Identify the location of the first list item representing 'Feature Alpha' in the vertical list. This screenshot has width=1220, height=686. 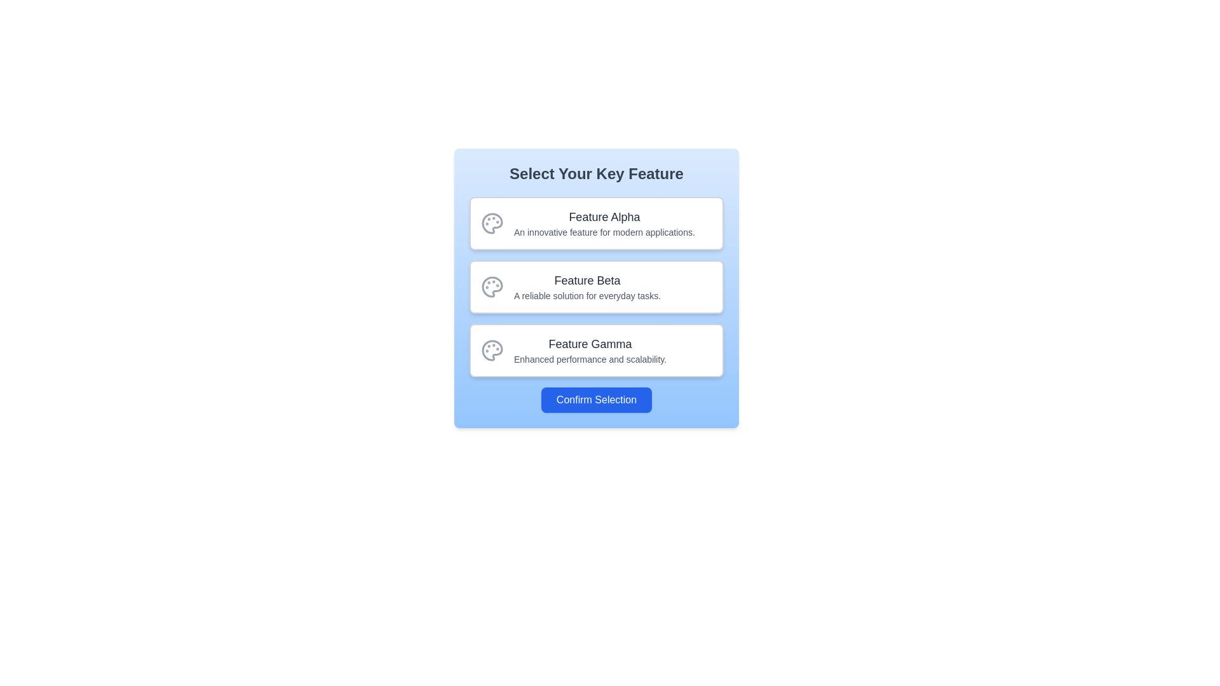
(604, 222).